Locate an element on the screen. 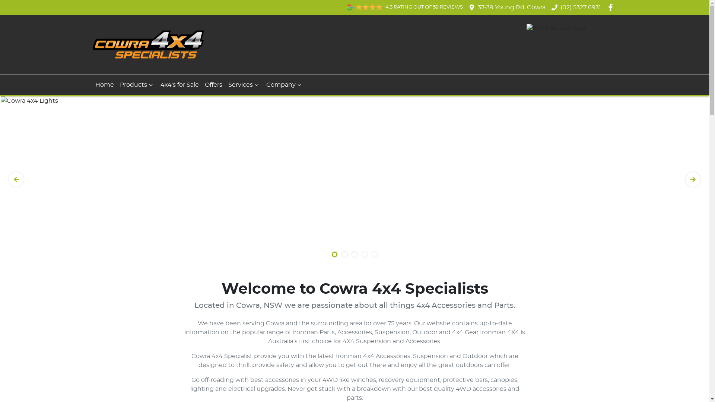 The width and height of the screenshot is (715, 402). '4x4's for Sale' is located at coordinates (179, 84).